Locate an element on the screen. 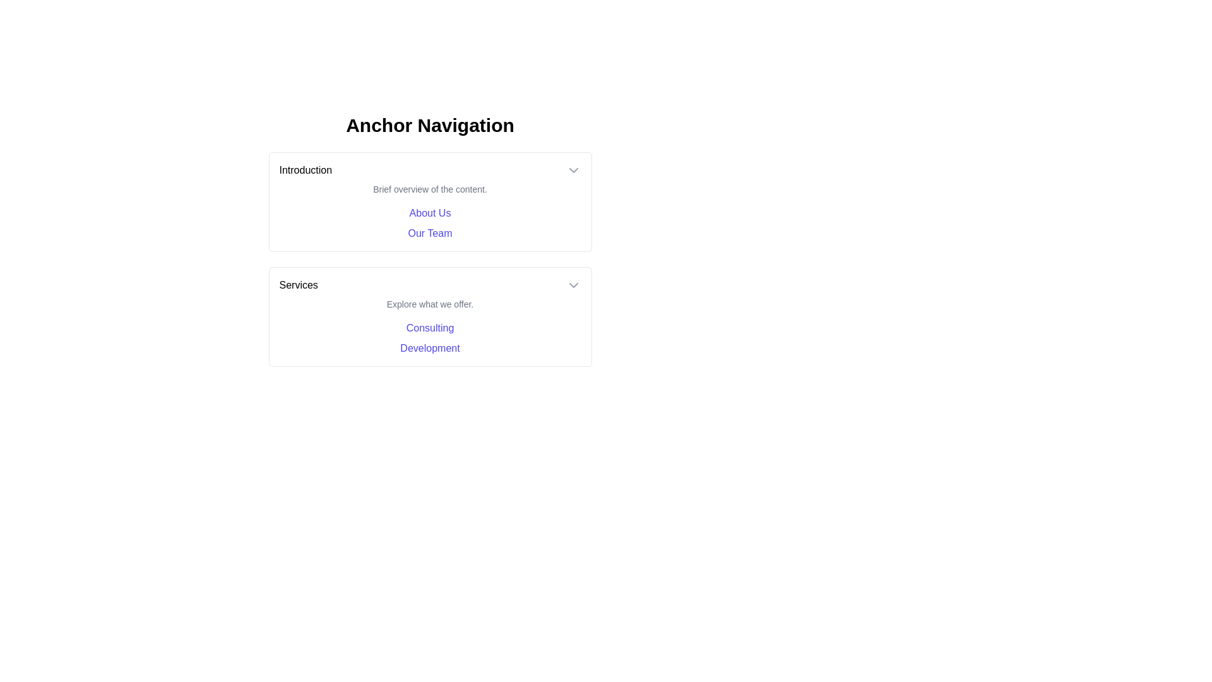 The height and width of the screenshot is (682, 1212). the 'Services' button in the 'Anchor Navigation' section is located at coordinates (430, 285).